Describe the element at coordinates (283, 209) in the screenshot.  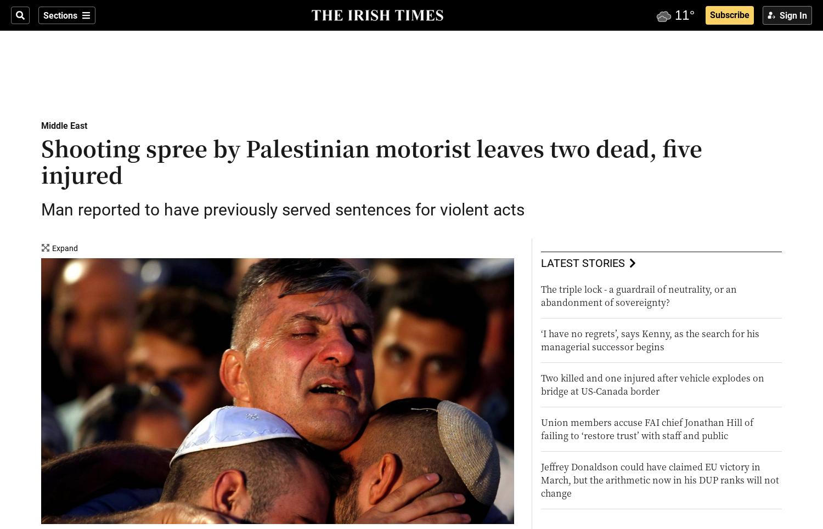
I see `'Man reported to have previously served sentences for violent acts'` at that location.